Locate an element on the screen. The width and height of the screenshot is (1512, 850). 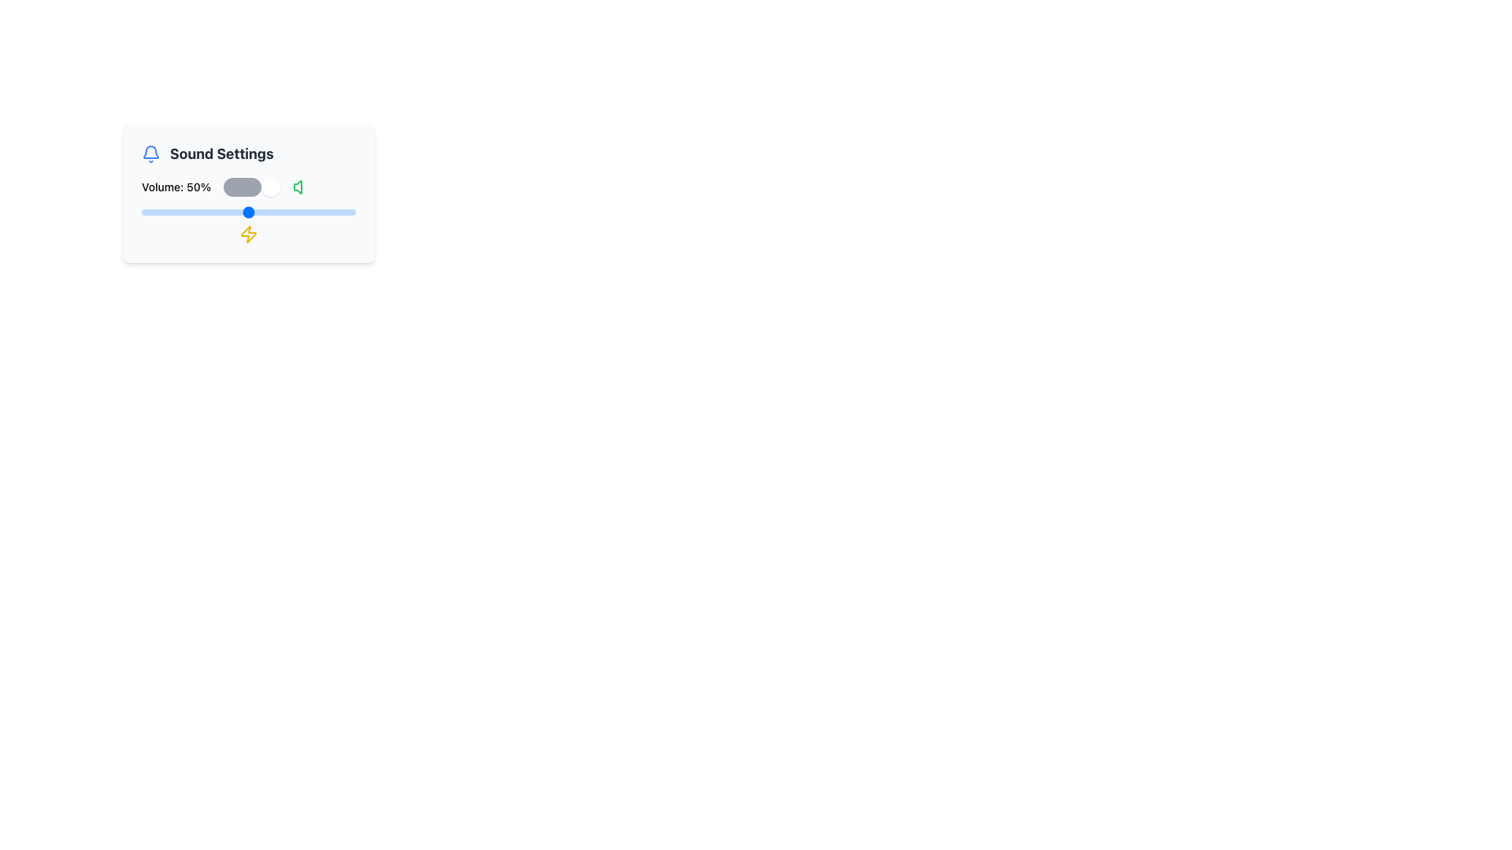
text label displaying 'Volume: 50%' located at the top-left corner of the sound settings pane, adjacent to the toggle switch is located at coordinates (176, 187).